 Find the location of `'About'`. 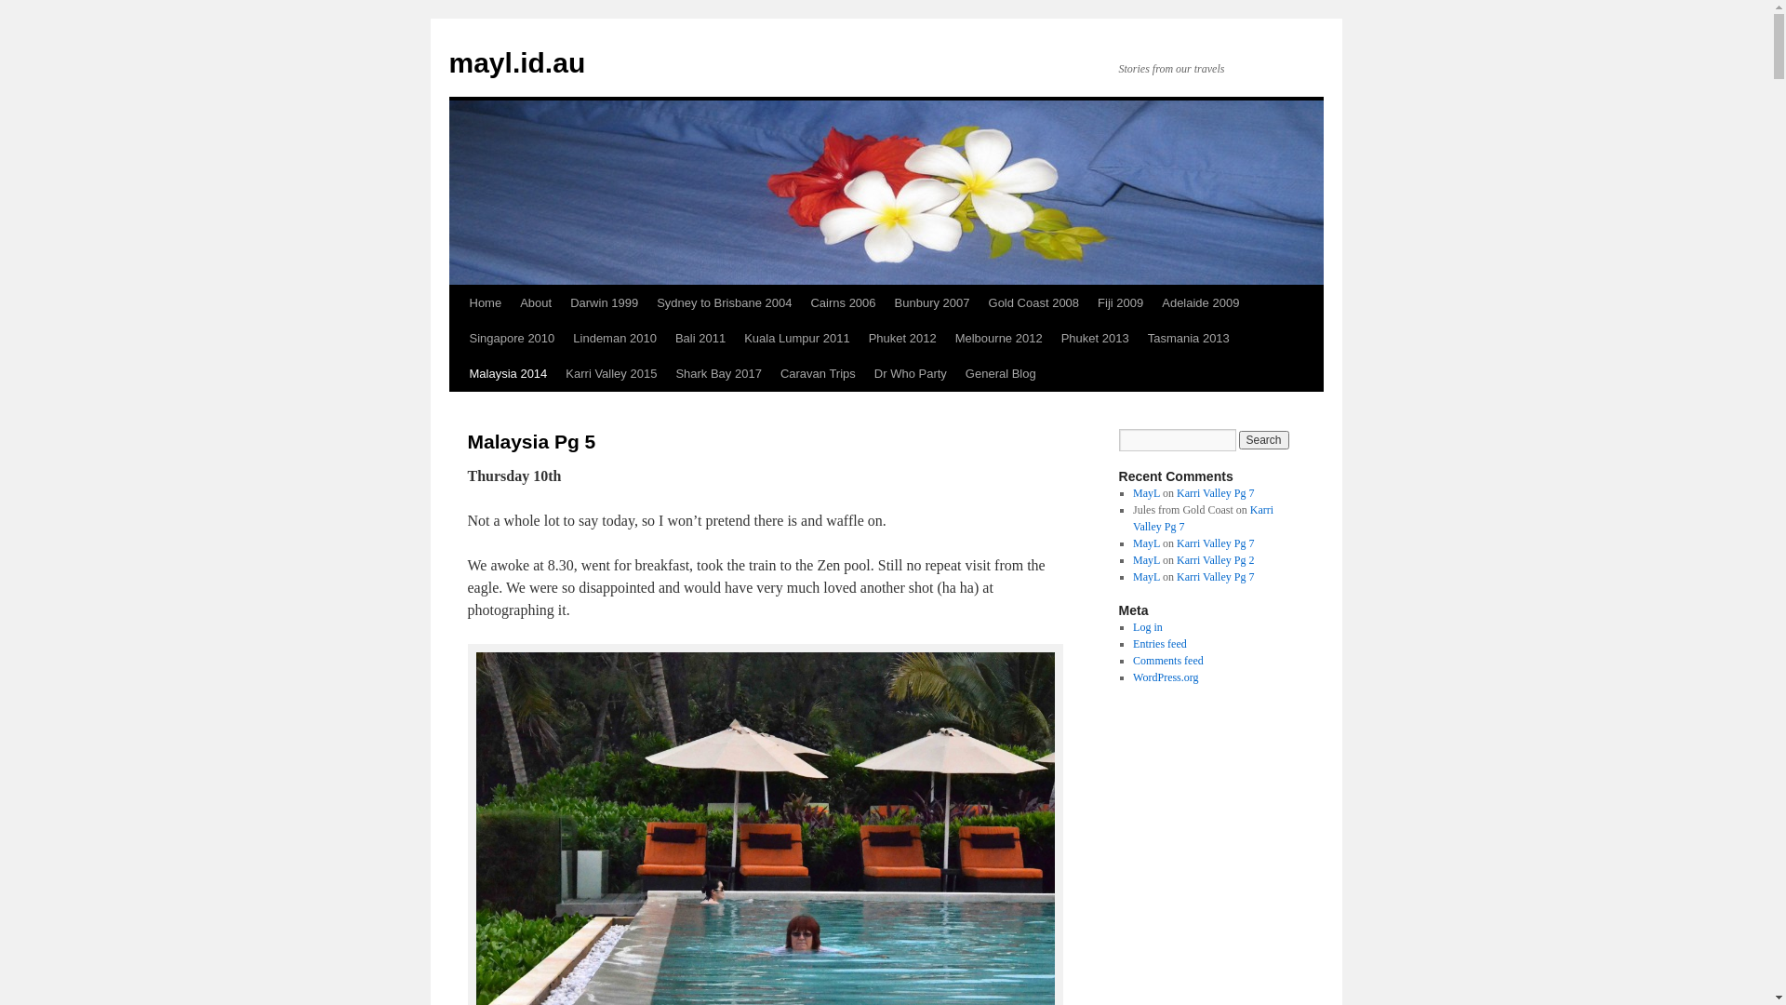

'About' is located at coordinates (535, 302).